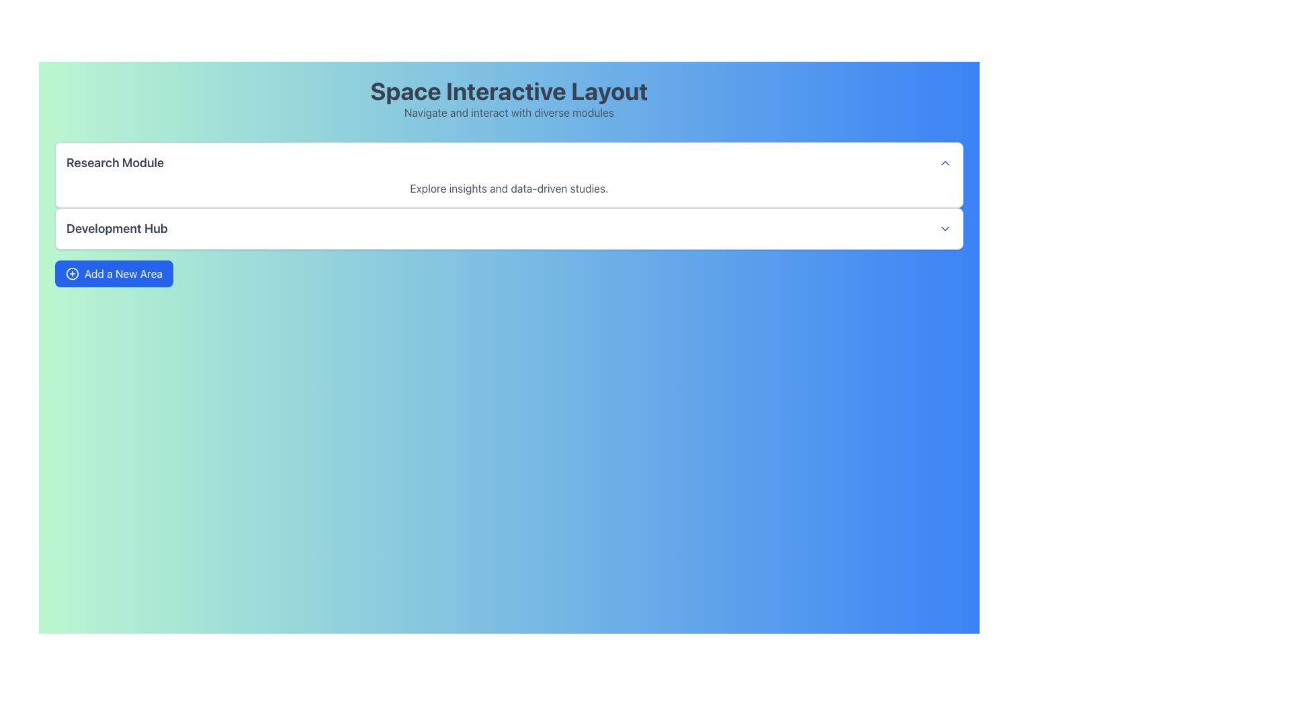 Image resolution: width=1290 pixels, height=725 pixels. I want to click on the 'Development Hub' text label which serves as a section heading within the layout, so click(117, 228).